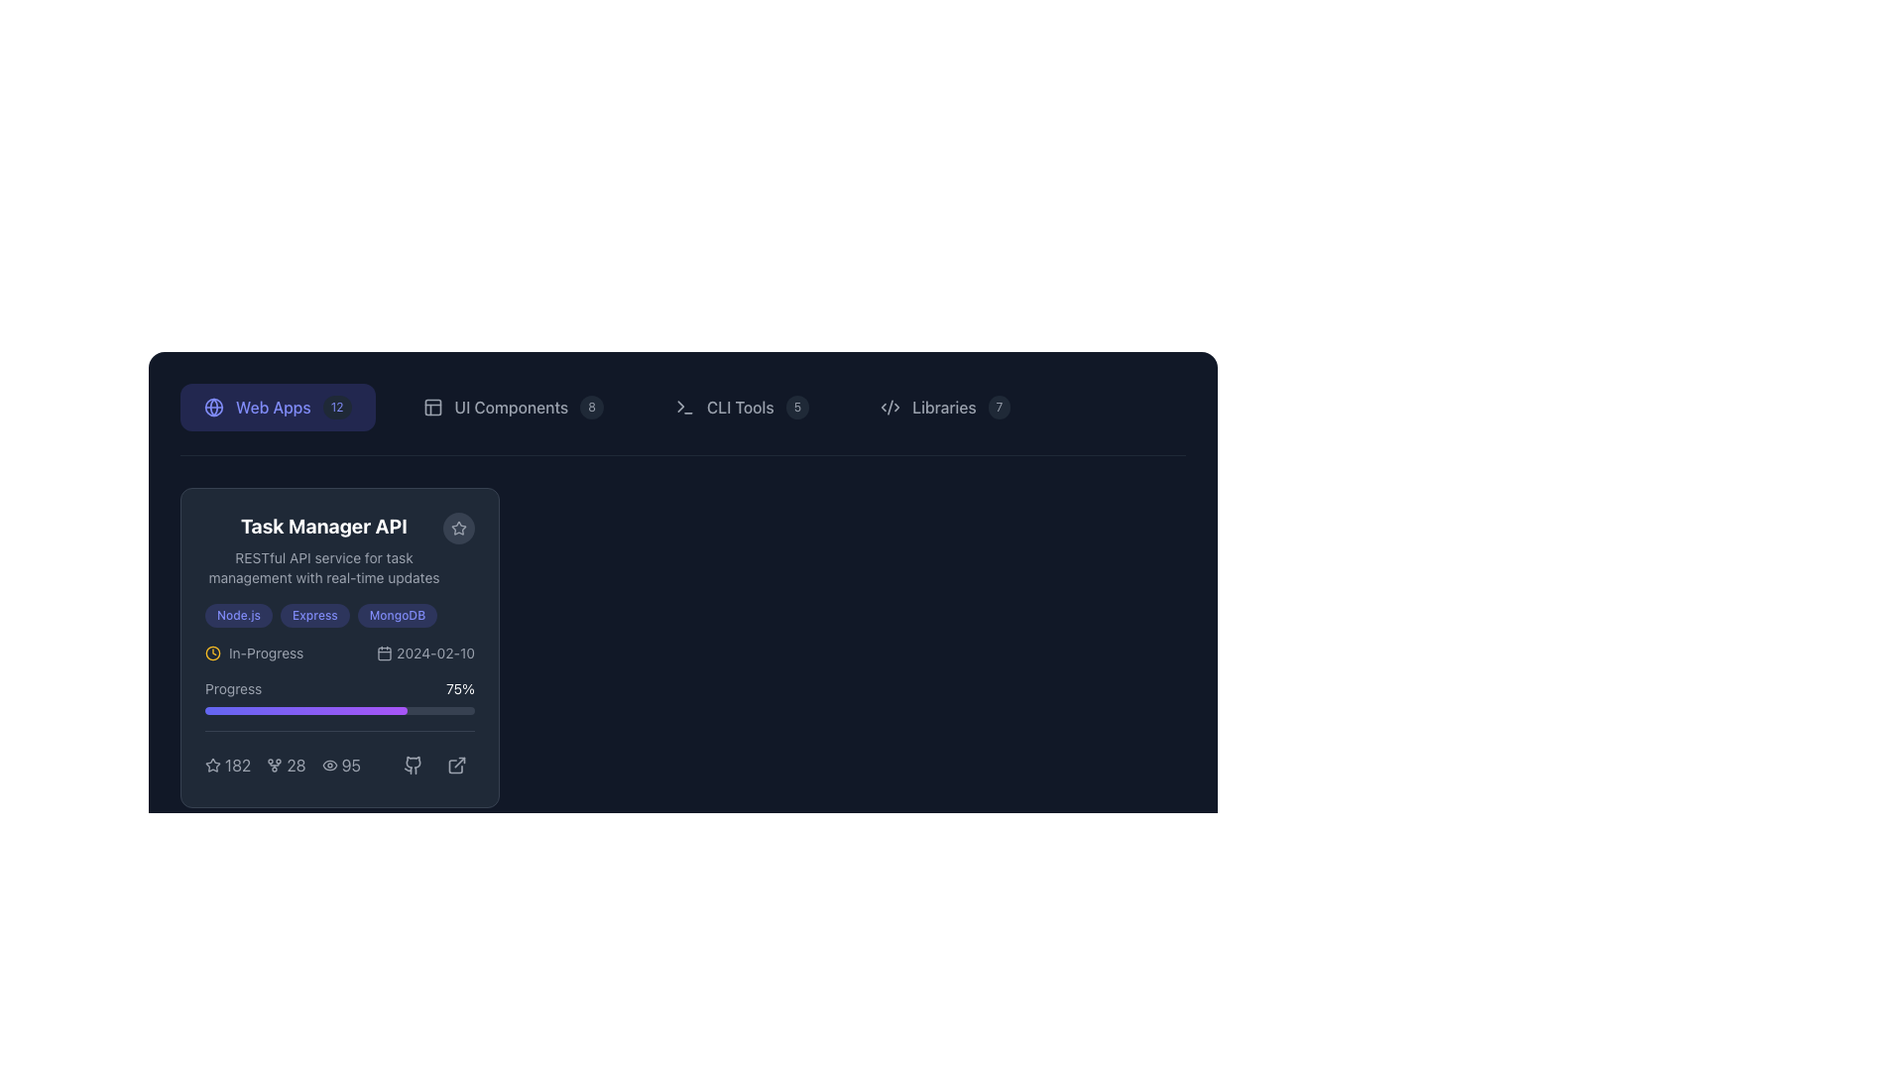 The image size is (1904, 1071). Describe the element at coordinates (457, 527) in the screenshot. I see `the star icon located at the bottom portion of the Task Manager API card to mark it as a favorite` at that location.